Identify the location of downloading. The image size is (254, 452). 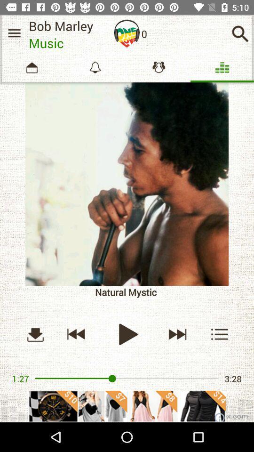
(35, 334).